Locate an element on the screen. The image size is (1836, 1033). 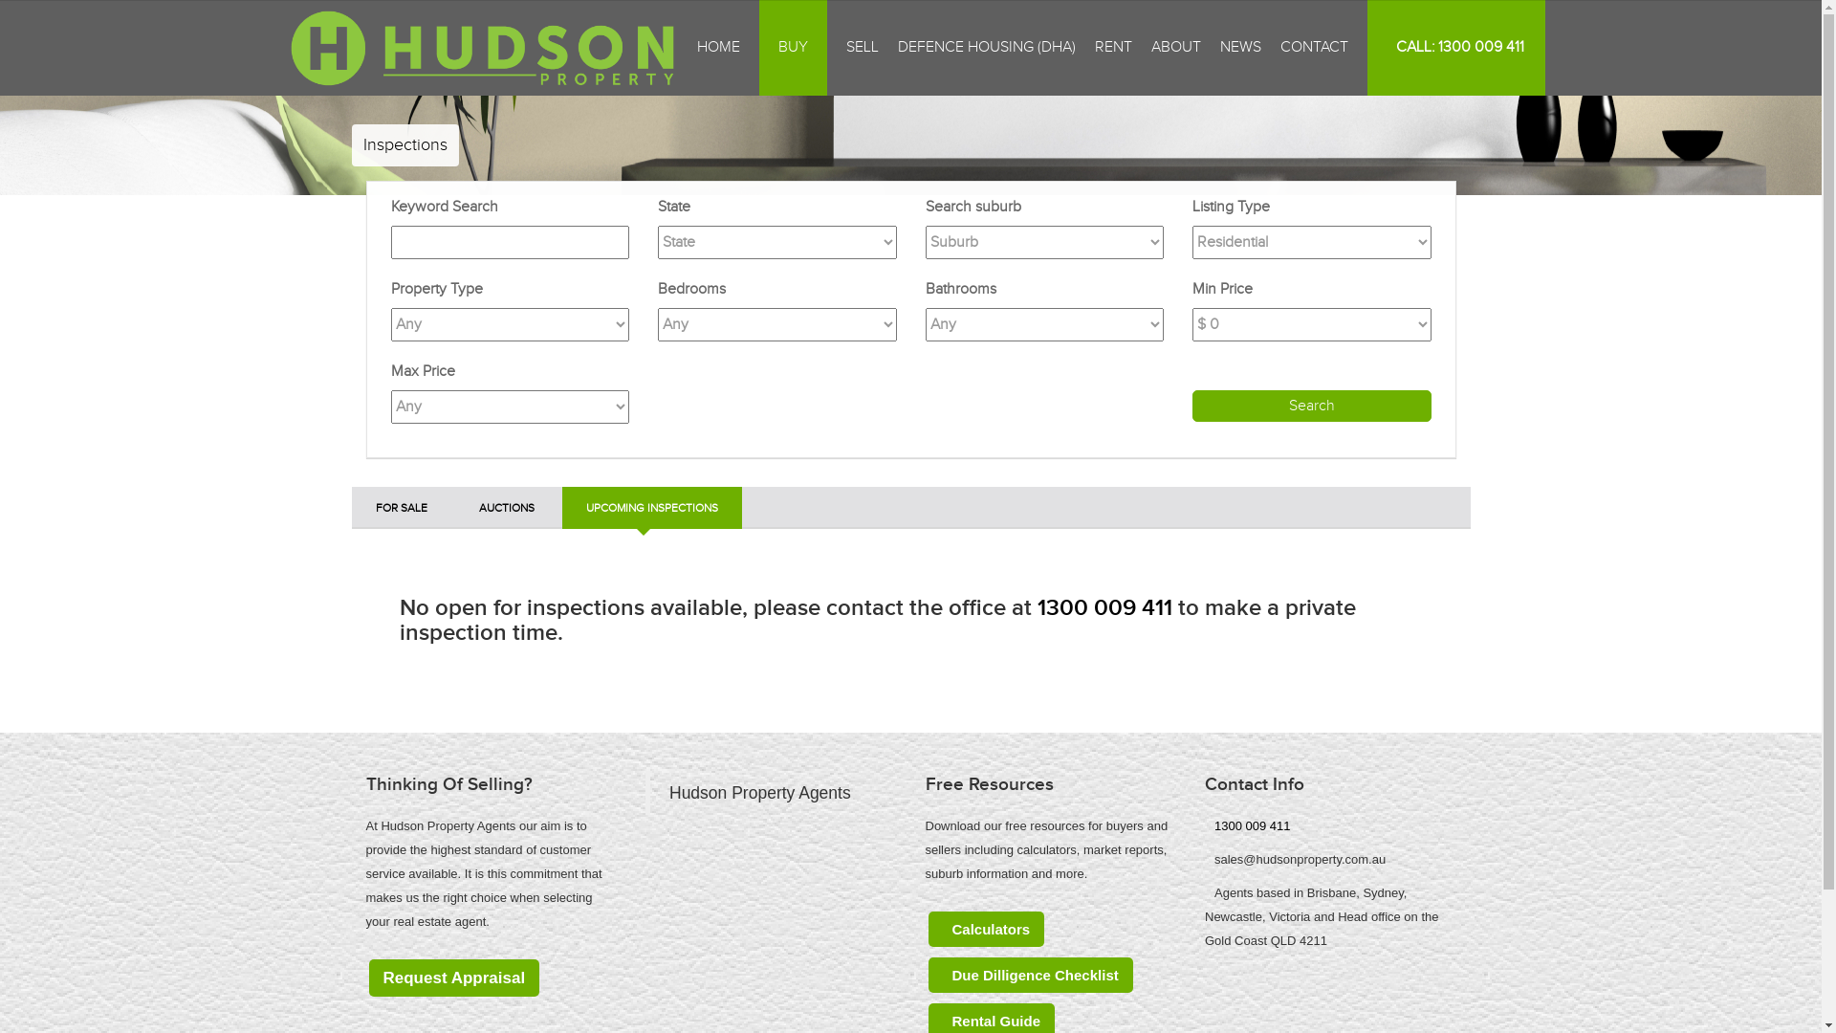
'UPCOMING INSPECTIONS' is located at coordinates (651, 507).